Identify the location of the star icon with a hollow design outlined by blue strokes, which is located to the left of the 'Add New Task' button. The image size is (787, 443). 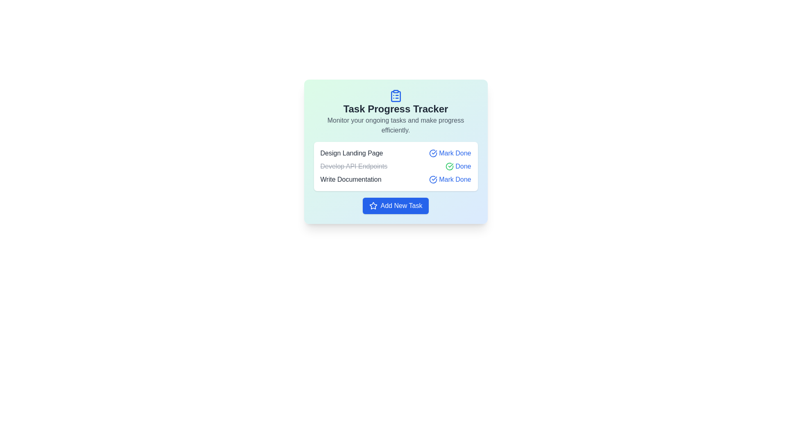
(373, 205).